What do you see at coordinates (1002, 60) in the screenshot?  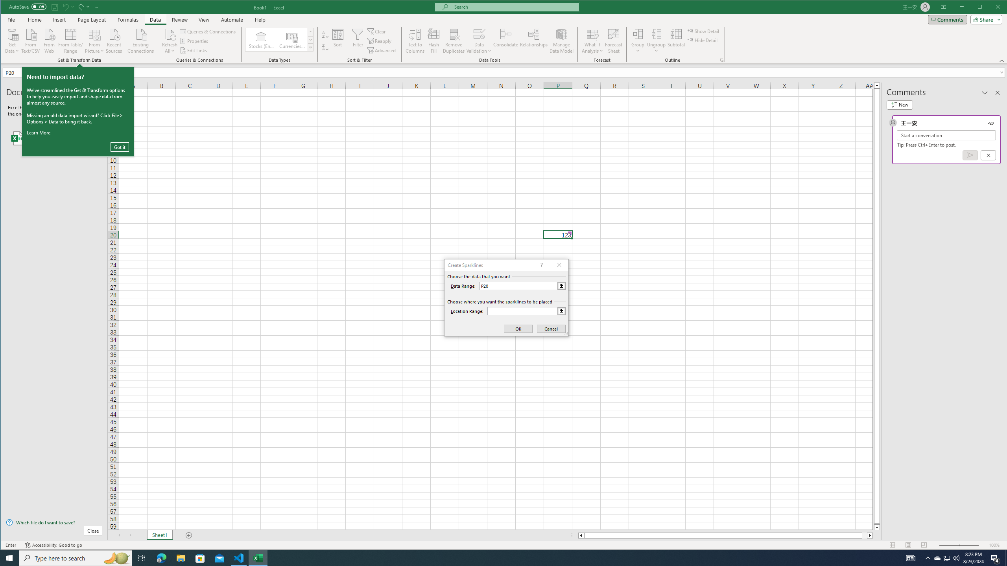 I see `'Collapse the Ribbon'` at bounding box center [1002, 60].